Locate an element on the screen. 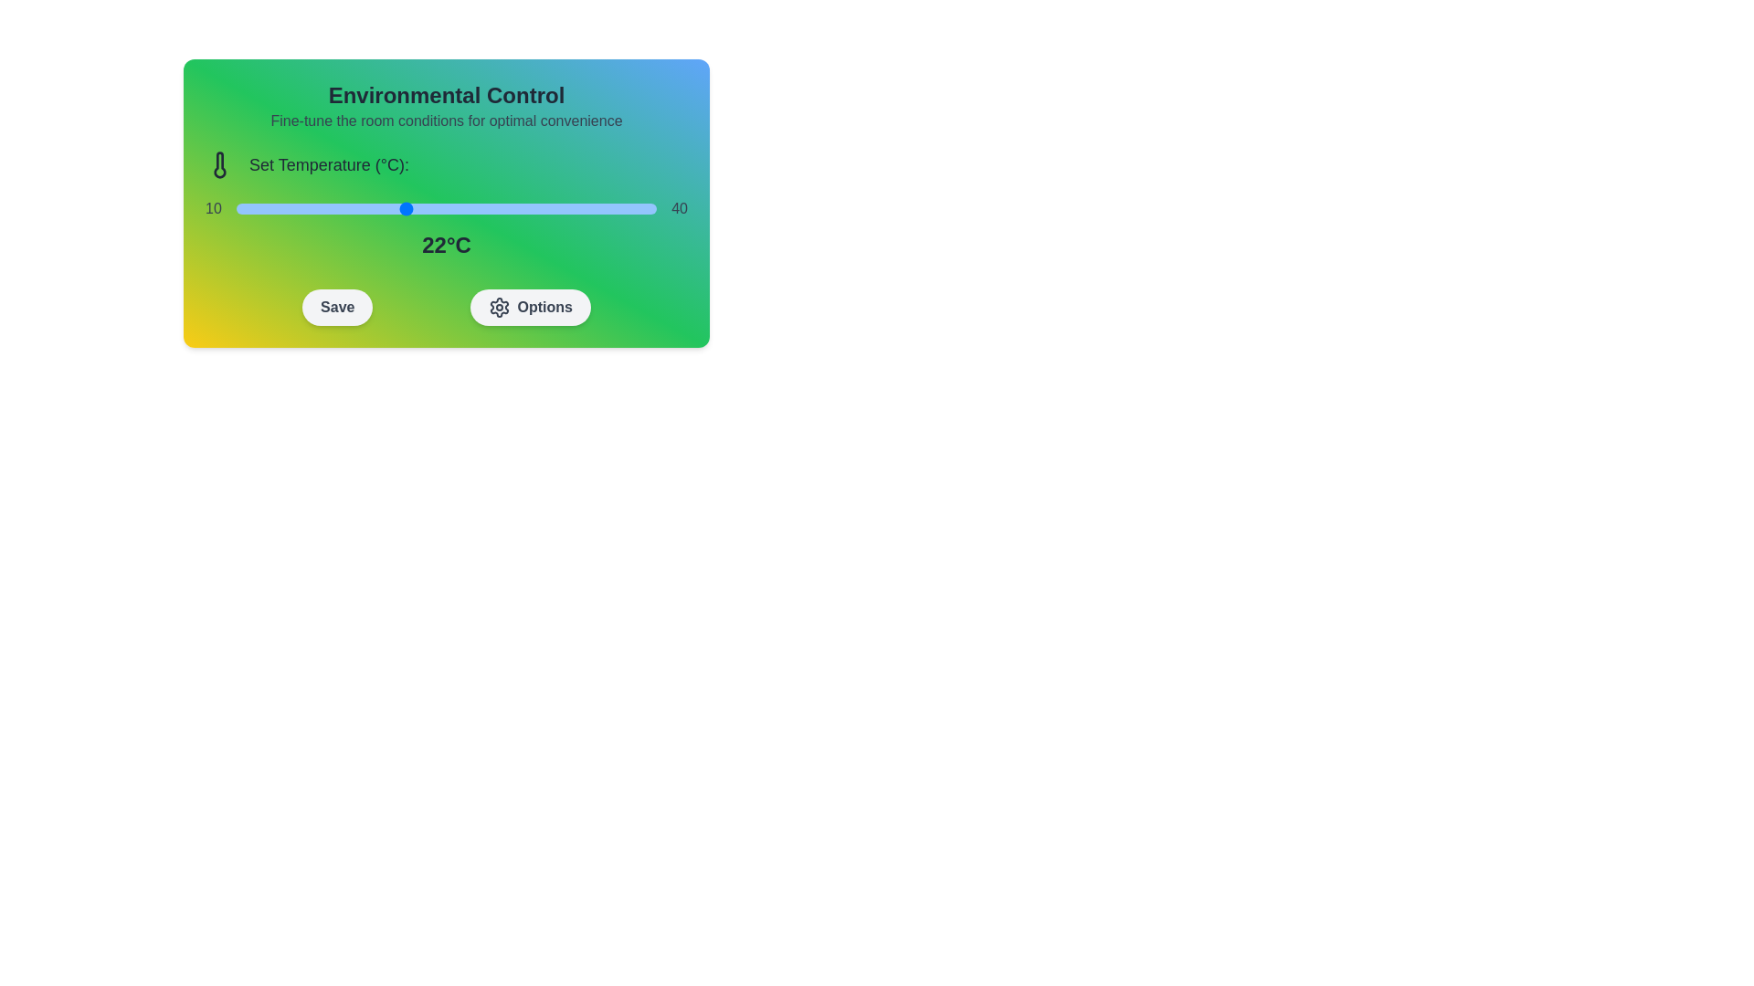 This screenshot has height=986, width=1754. the decorative temperature icon located to the left of the 'Set Temperature (°C):' label is located at coordinates (219, 165).